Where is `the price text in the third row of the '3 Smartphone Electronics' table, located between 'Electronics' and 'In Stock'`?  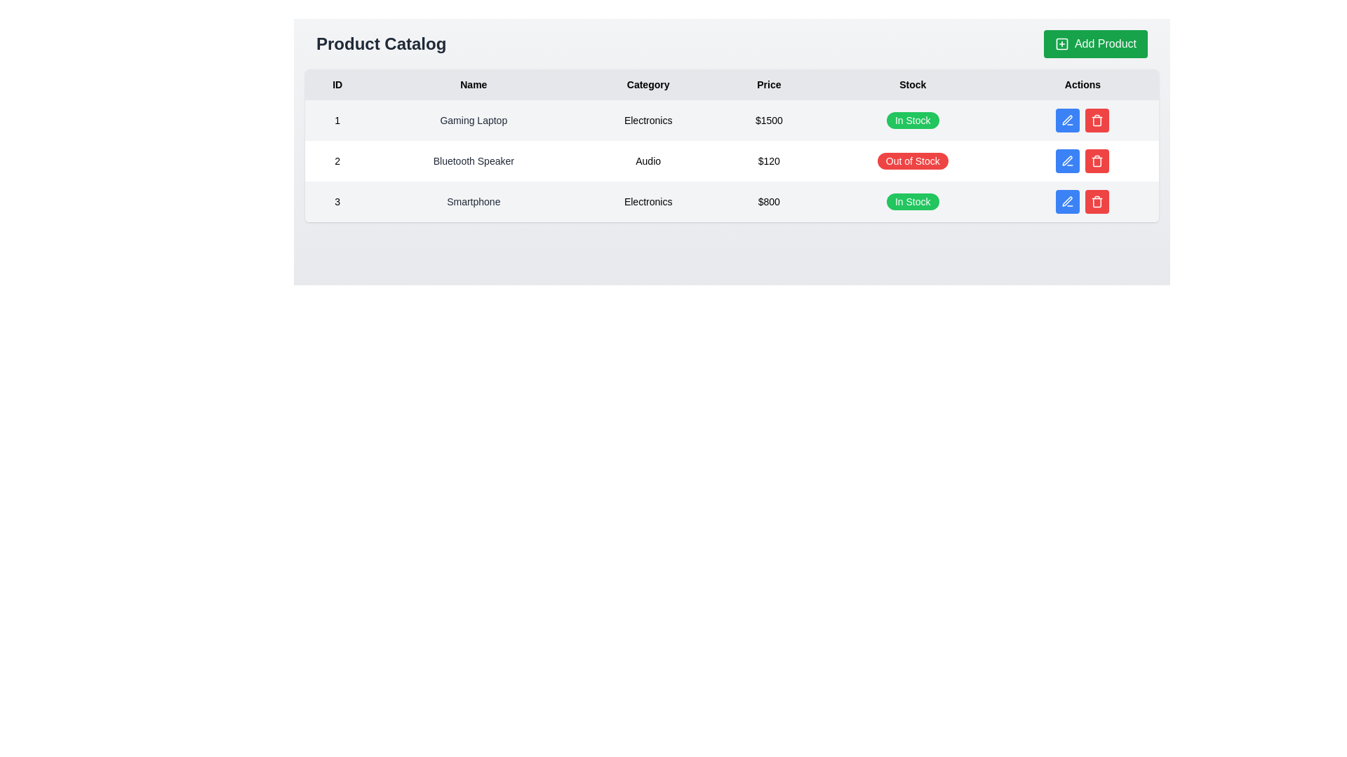
the price text in the third row of the '3 Smartphone Electronics' table, located between 'Electronics' and 'In Stock' is located at coordinates (768, 202).